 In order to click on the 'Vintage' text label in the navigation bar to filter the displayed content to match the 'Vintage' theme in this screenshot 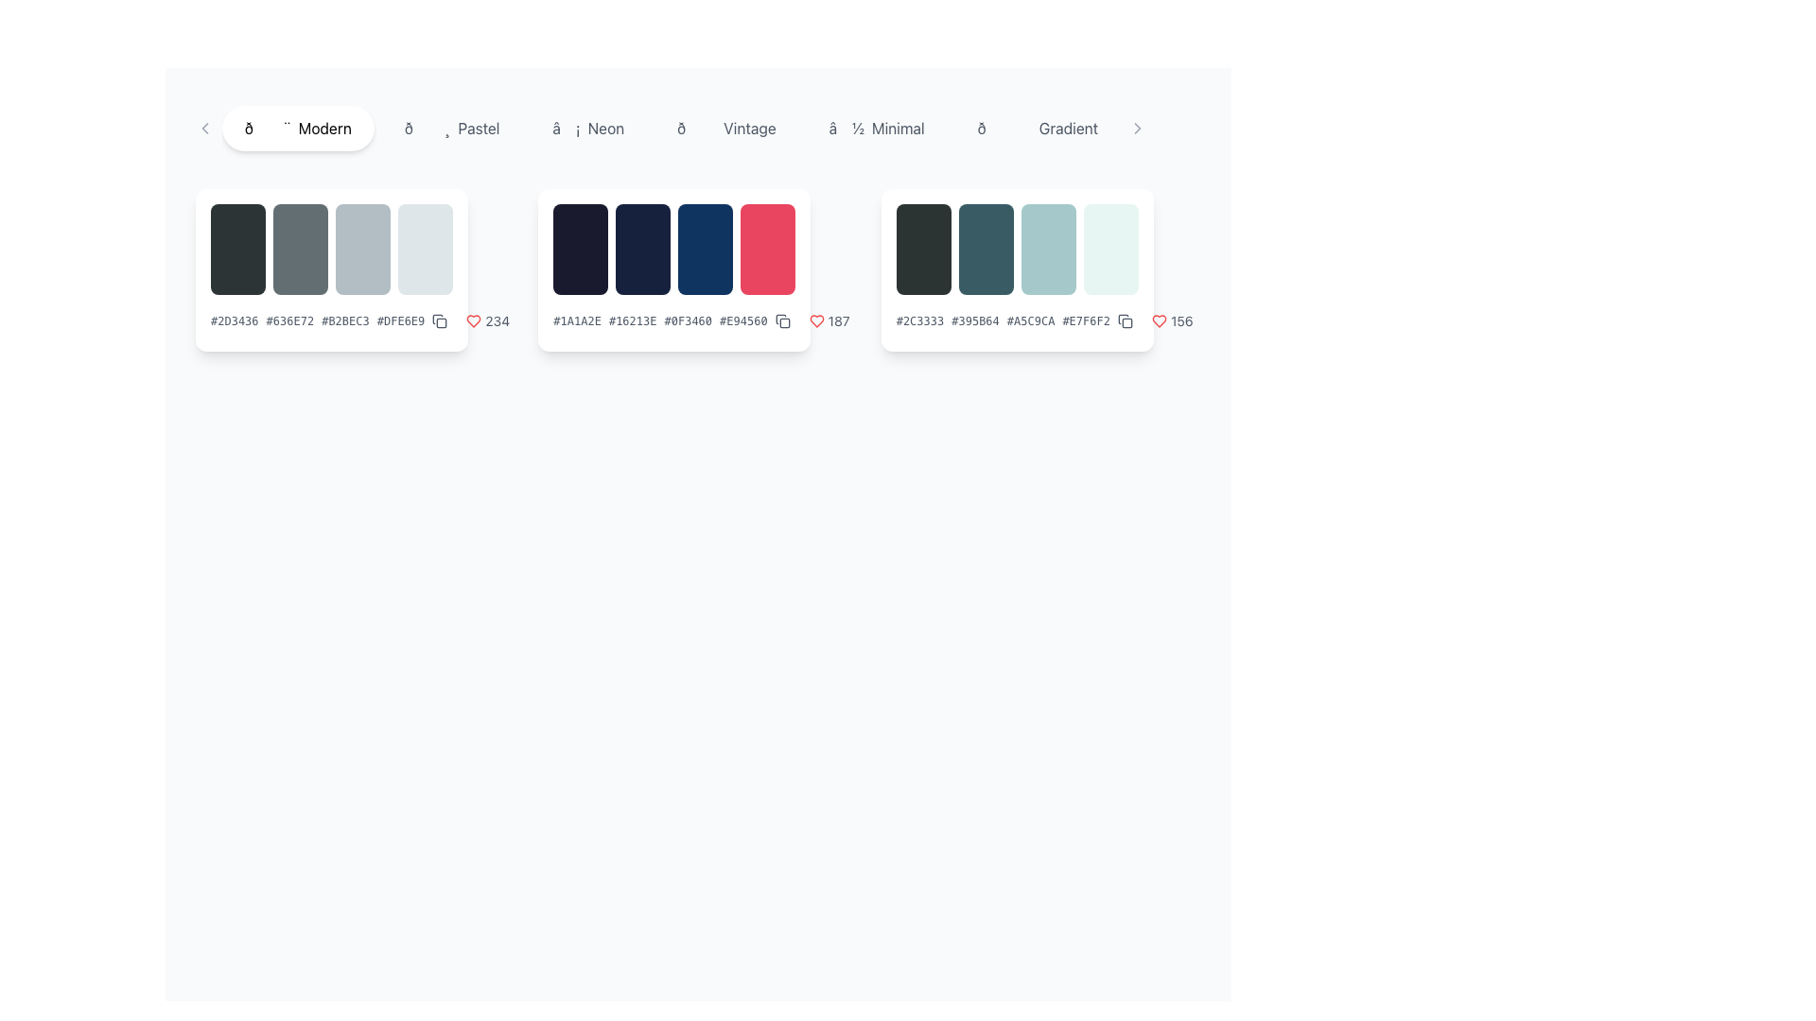, I will do `click(748, 128)`.